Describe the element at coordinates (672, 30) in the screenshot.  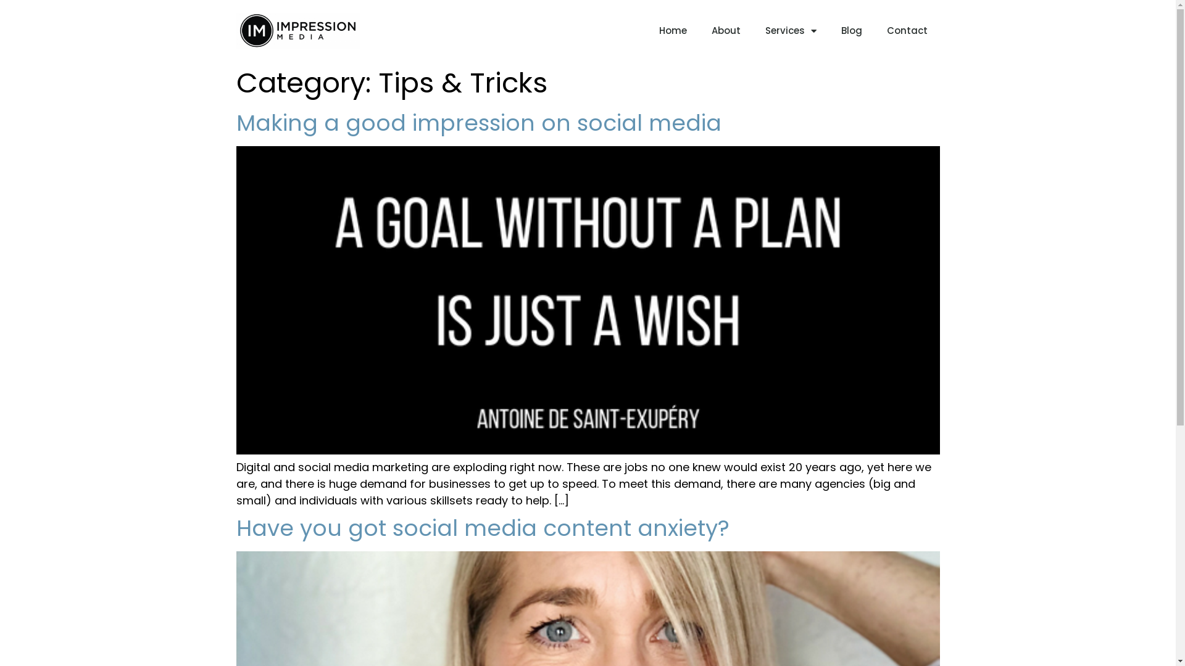
I see `'Home'` at that location.